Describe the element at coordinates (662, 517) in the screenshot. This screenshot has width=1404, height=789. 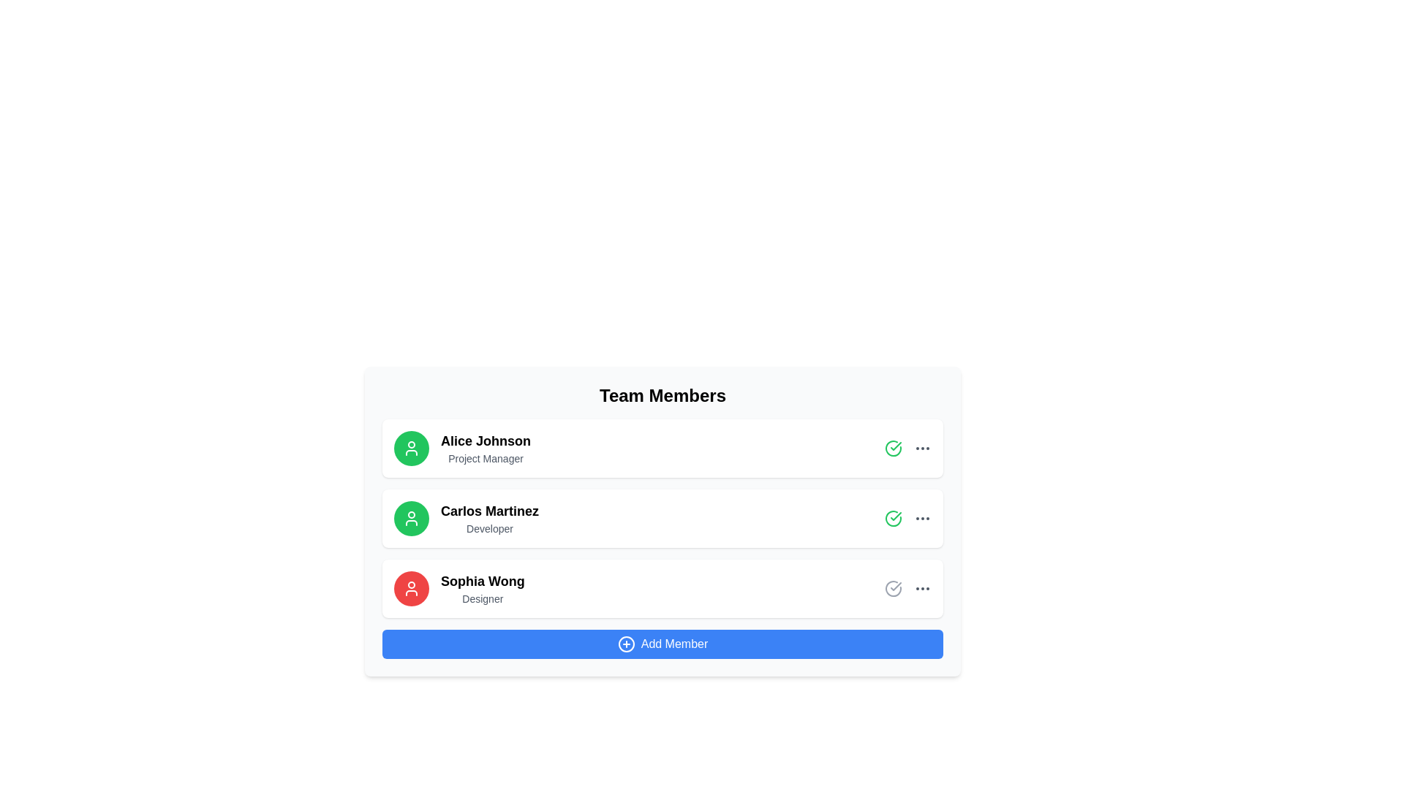
I see `the middle team member entry in the 'Team Members' section` at that location.